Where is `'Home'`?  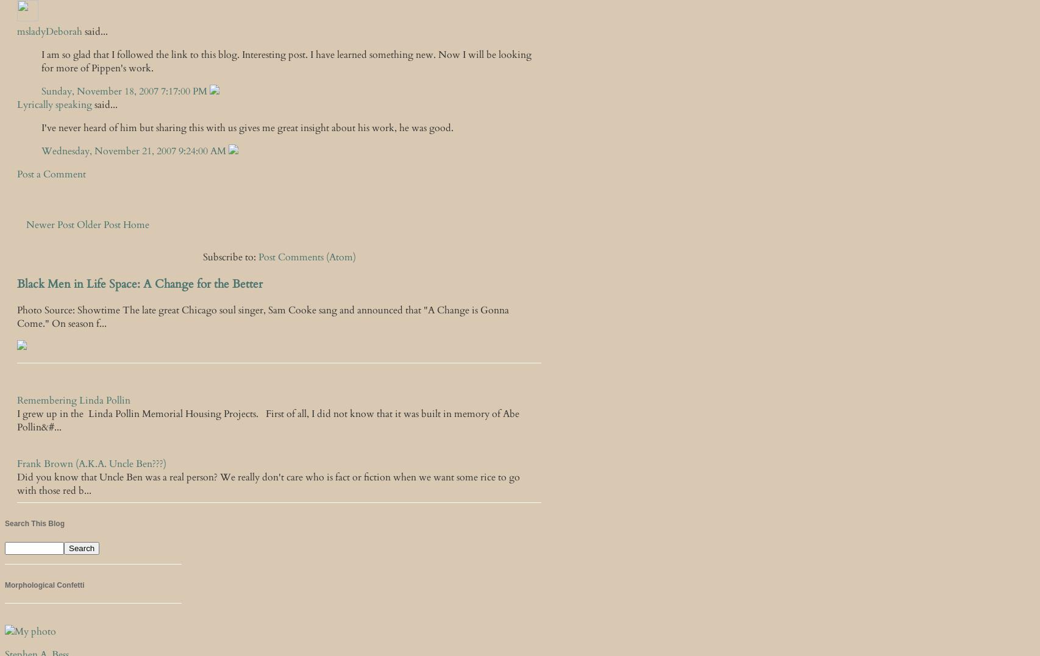
'Home' is located at coordinates (136, 224).